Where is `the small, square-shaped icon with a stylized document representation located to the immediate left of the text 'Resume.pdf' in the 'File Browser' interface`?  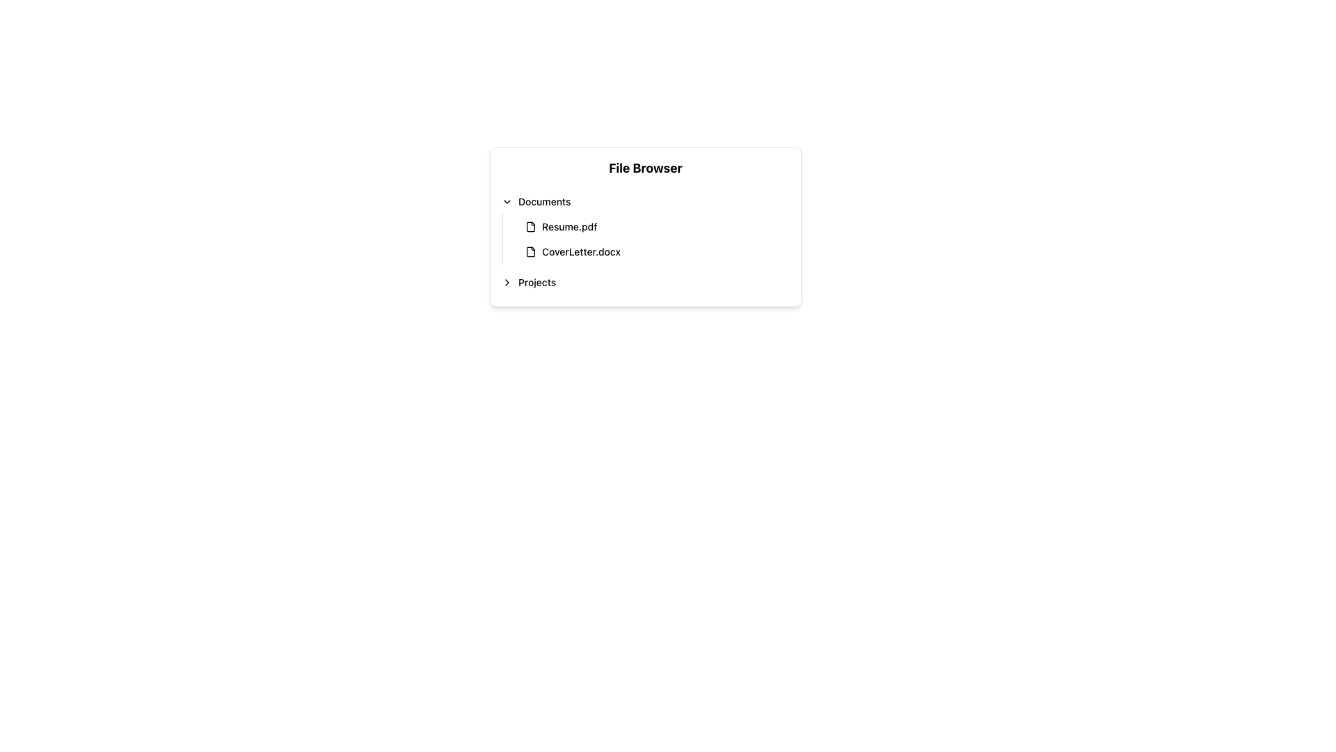 the small, square-shaped icon with a stylized document representation located to the immediate left of the text 'Resume.pdf' in the 'File Browser' interface is located at coordinates (530, 226).